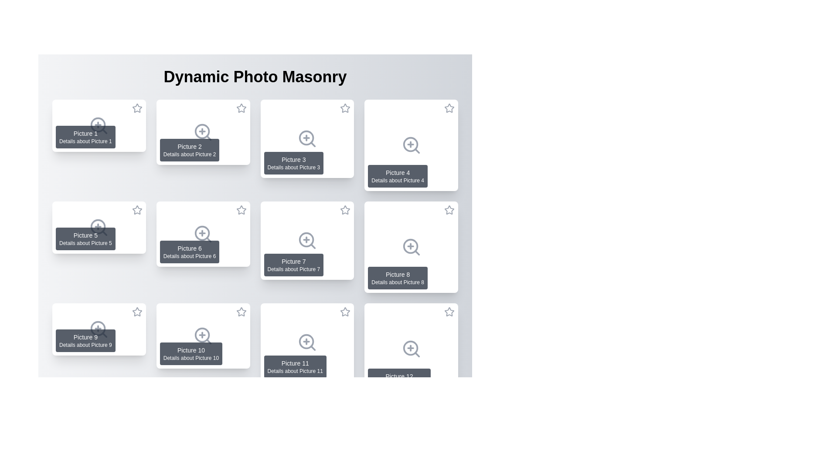 Image resolution: width=837 pixels, height=470 pixels. Describe the element at coordinates (449, 210) in the screenshot. I see `the star icon button located at the top-right corner of the Picture 8 card` at that location.